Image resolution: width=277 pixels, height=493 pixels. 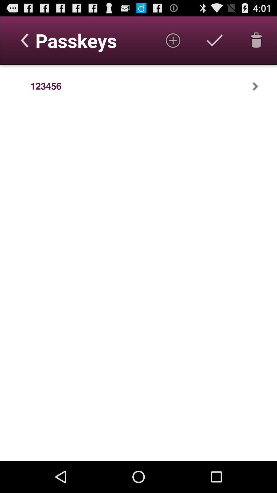 What do you see at coordinates (15, 86) in the screenshot?
I see `the app next to 123456 item` at bounding box center [15, 86].